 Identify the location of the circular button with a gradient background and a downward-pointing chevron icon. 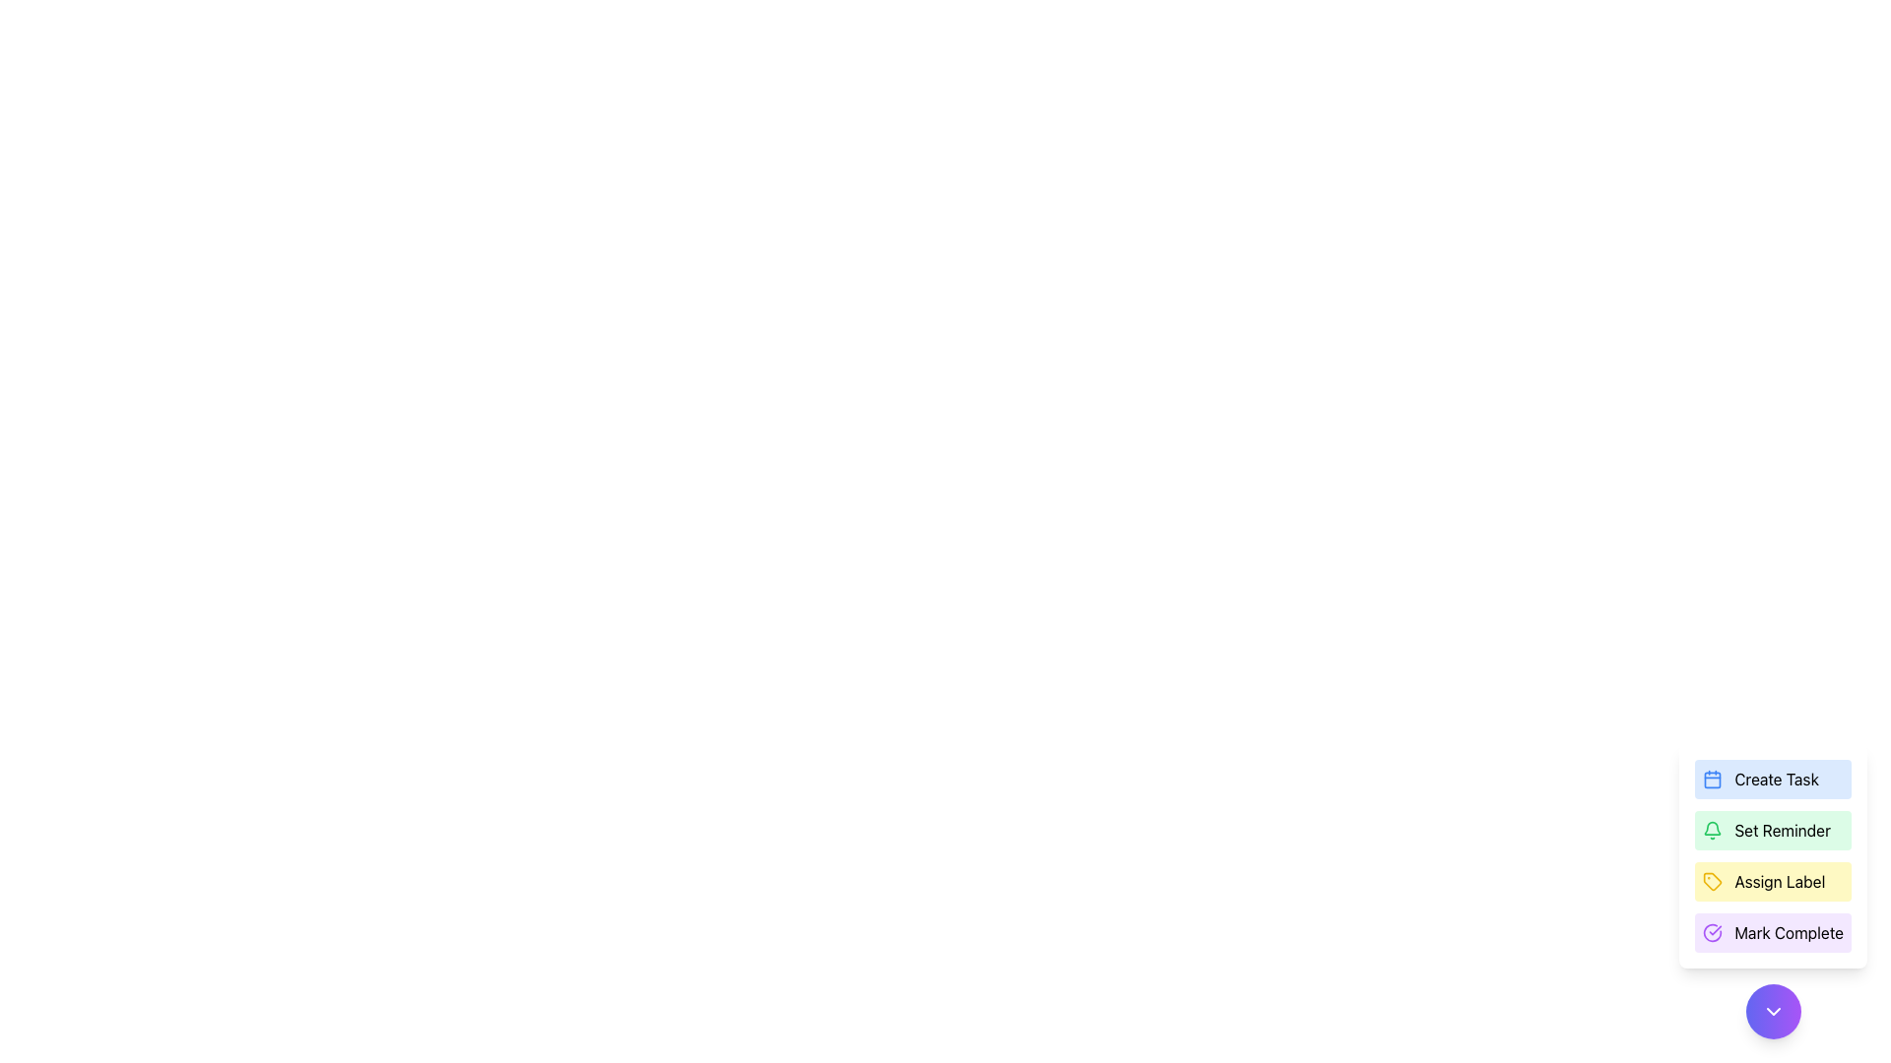
(1773, 1012).